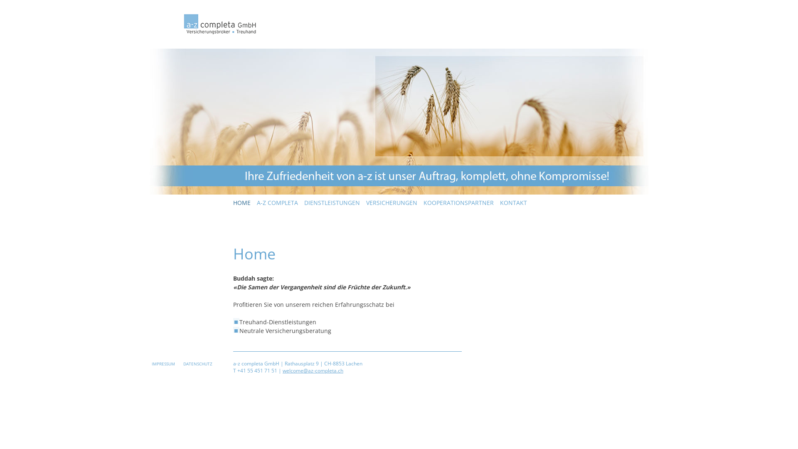 The width and height of the screenshot is (798, 449). I want to click on 'welcome@az-completa.ch', so click(313, 370).